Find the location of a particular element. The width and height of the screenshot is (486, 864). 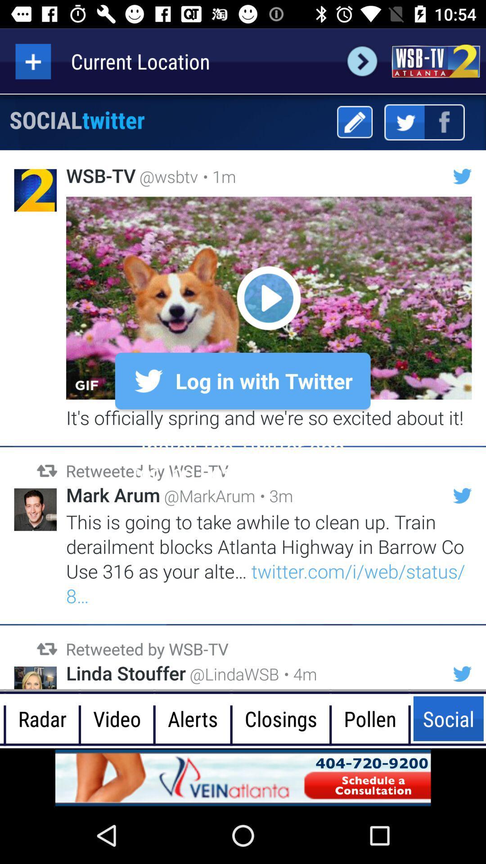

move to icon which is left to 3m is located at coordinates (463, 495).